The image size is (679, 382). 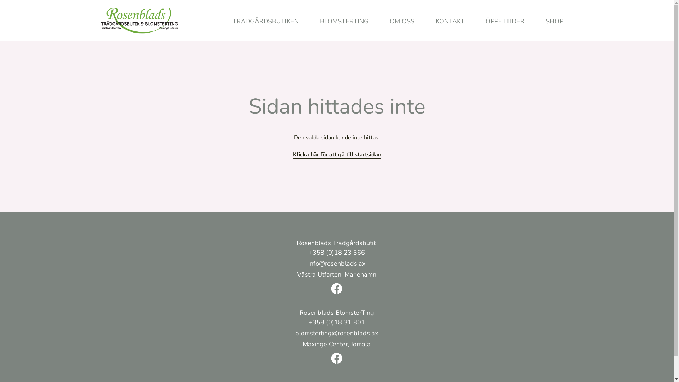 I want to click on 'KONTAKT', so click(x=449, y=21).